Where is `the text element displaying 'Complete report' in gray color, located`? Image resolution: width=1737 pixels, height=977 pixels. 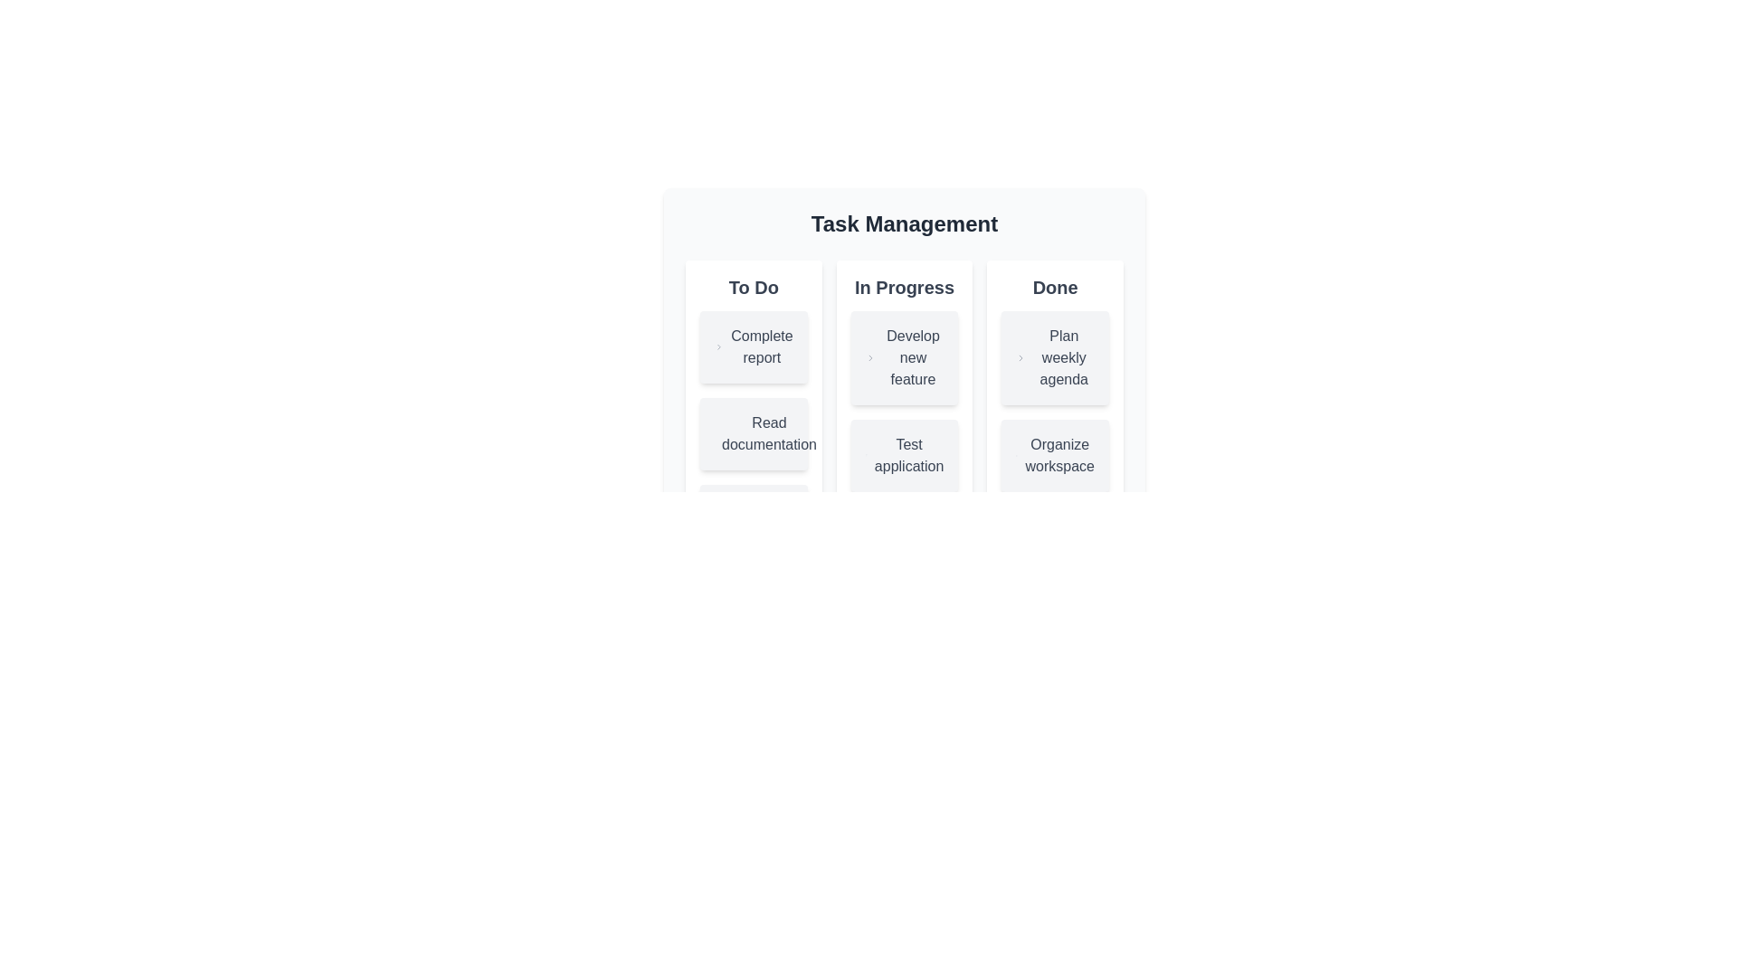
the text element displaying 'Complete report' in gray color, located is located at coordinates (762, 347).